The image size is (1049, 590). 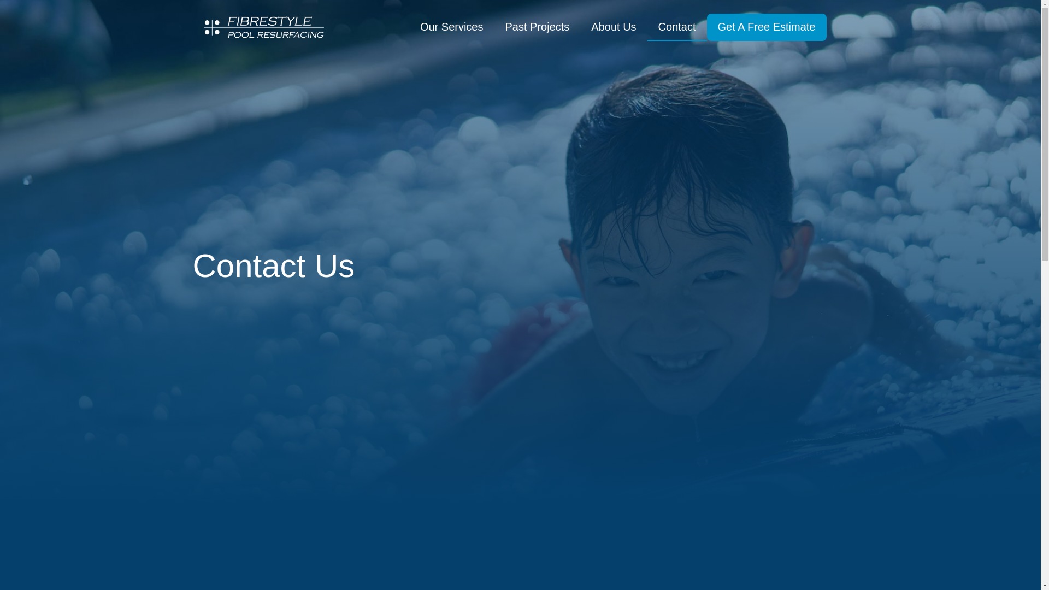 What do you see at coordinates (614, 27) in the screenshot?
I see `'About Us'` at bounding box center [614, 27].